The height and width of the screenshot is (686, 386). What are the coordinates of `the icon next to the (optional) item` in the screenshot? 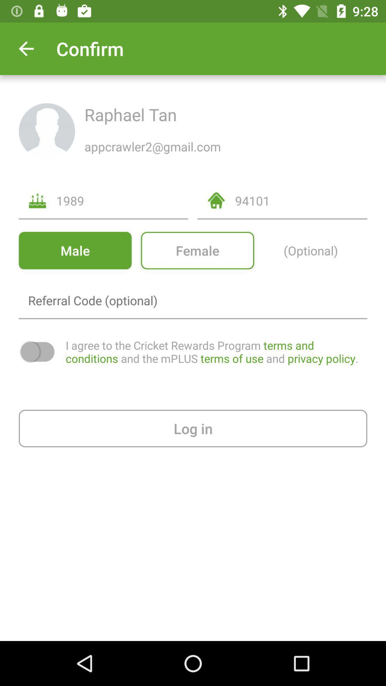 It's located at (197, 250).